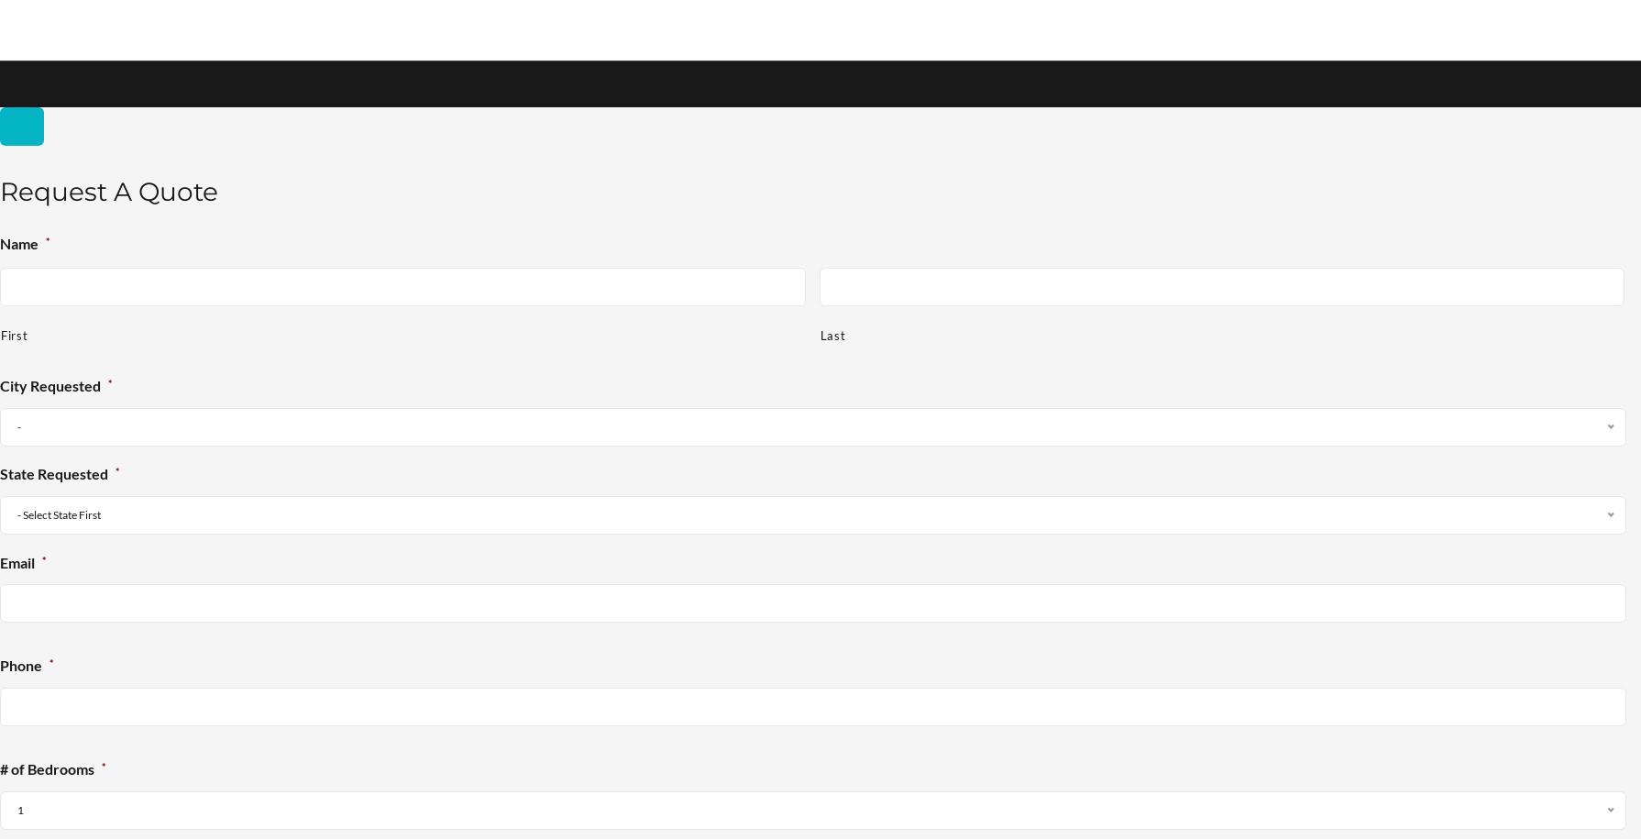  I want to click on 'Request A Quote', so click(0, 191).